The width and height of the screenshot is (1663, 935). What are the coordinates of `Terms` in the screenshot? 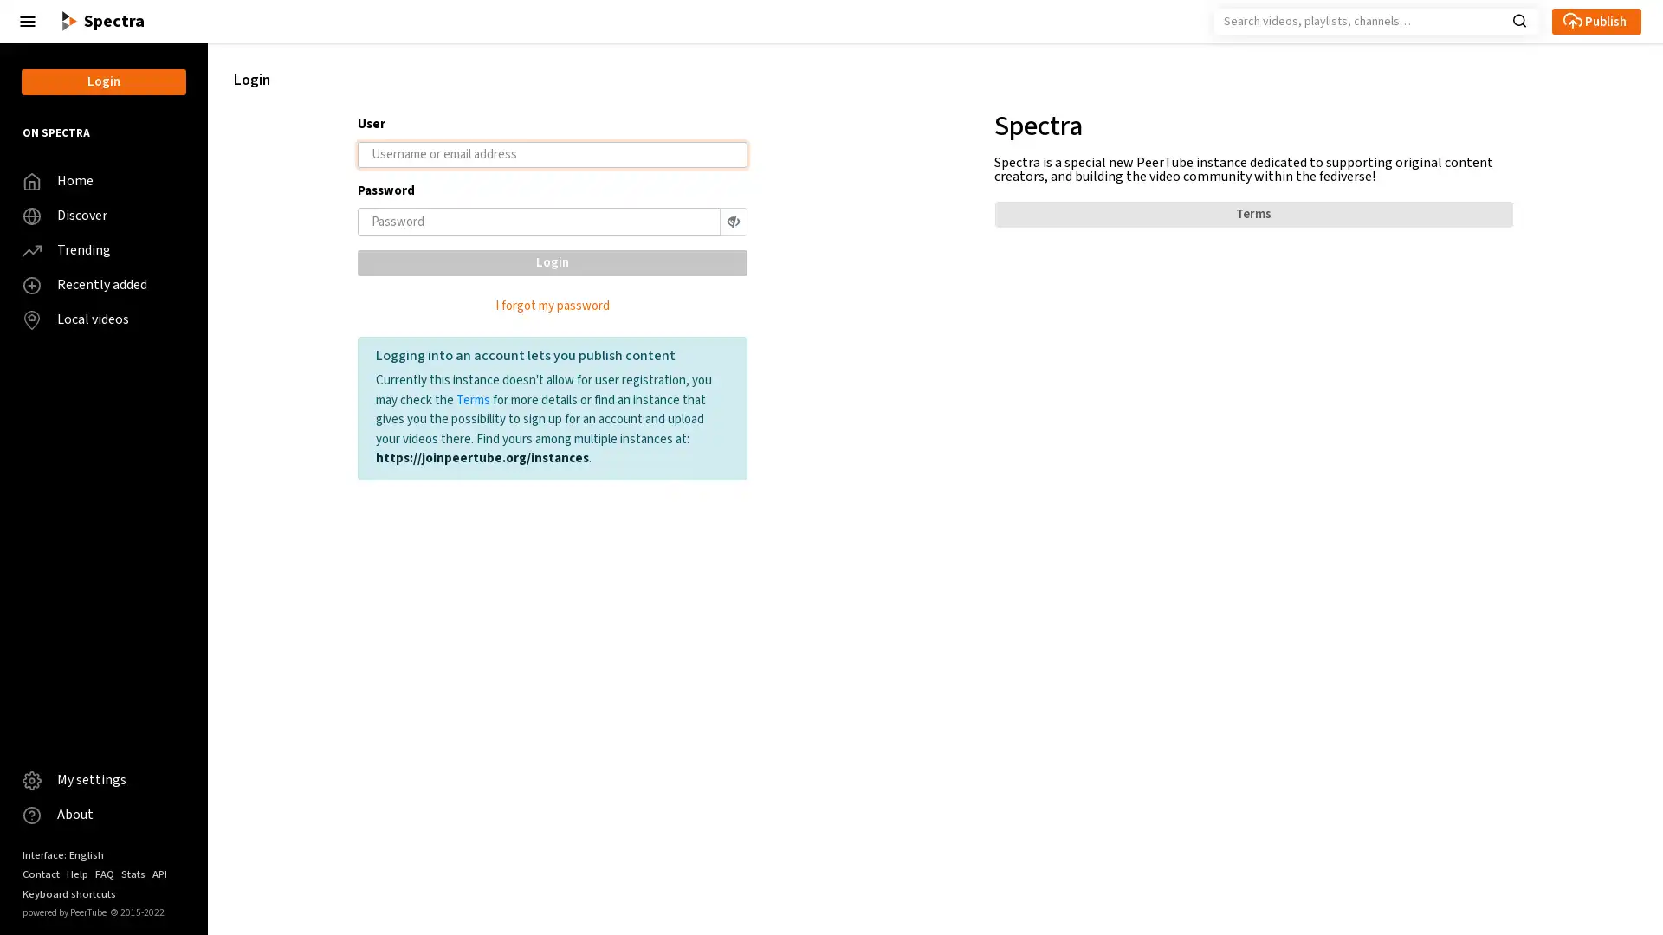 It's located at (1252, 213).